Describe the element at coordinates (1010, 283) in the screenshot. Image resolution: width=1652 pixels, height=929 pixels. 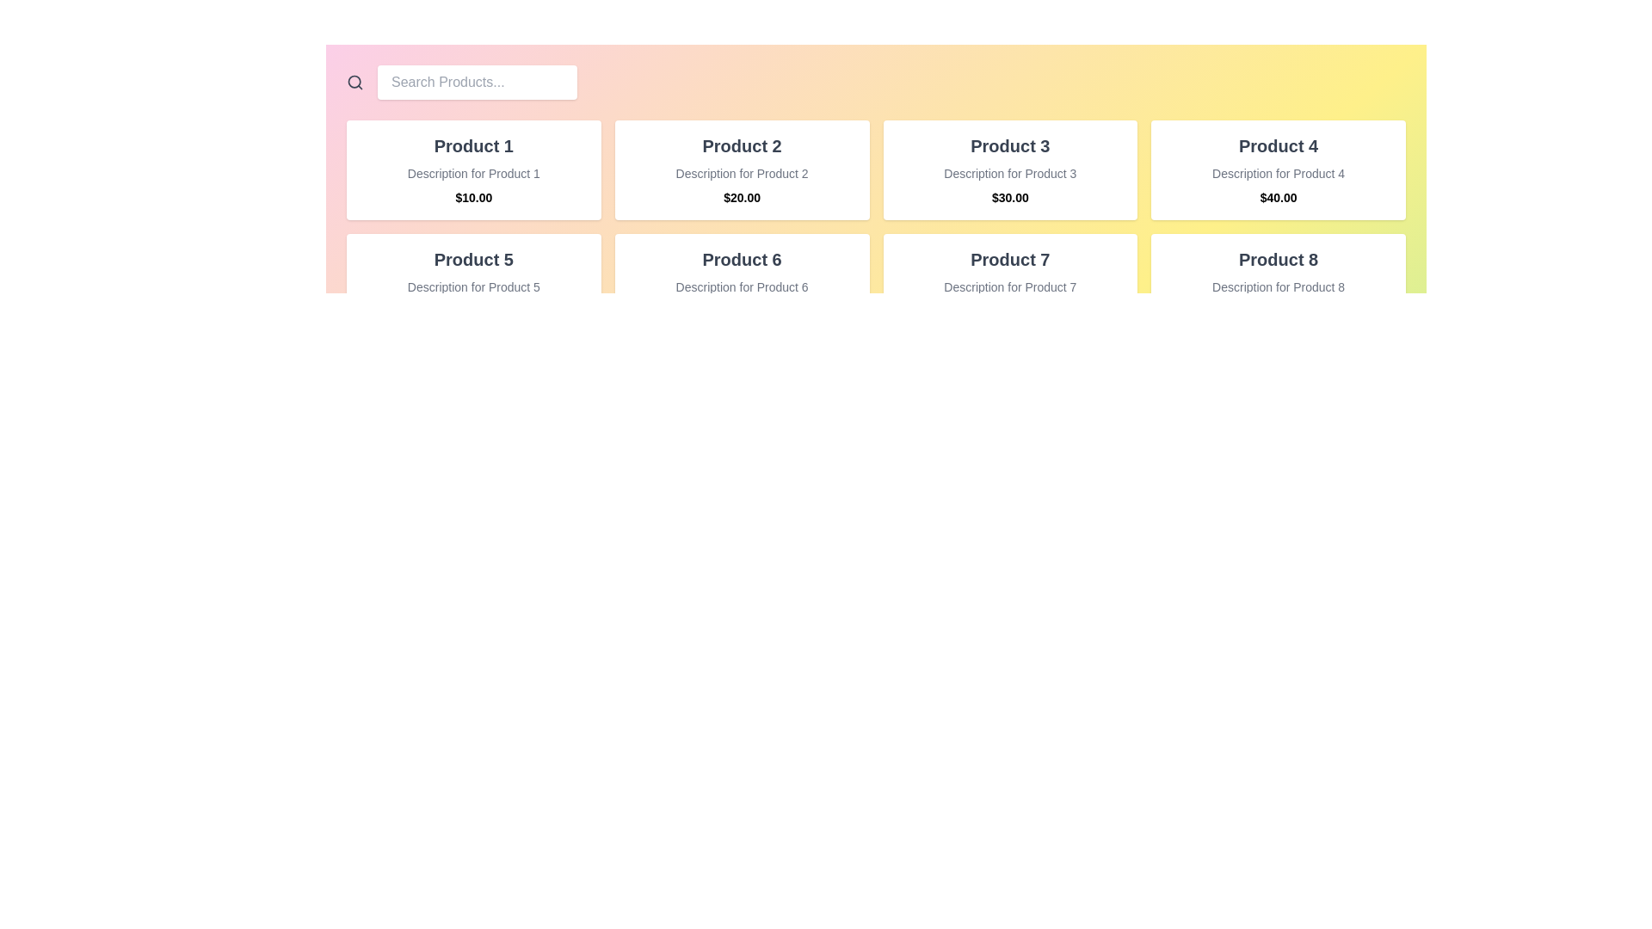
I see `text contained in the seventh product Information card, which displays the title, description, and price of the product` at that location.